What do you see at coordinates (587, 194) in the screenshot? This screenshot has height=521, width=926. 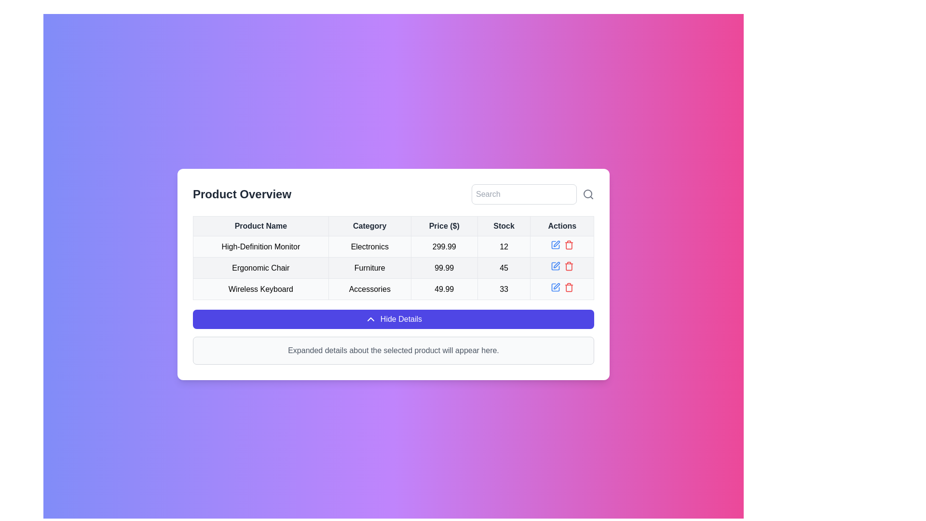 I see `the minimalist gray magnifying glass icon located at the far right of the UI, next to the text input field` at bounding box center [587, 194].